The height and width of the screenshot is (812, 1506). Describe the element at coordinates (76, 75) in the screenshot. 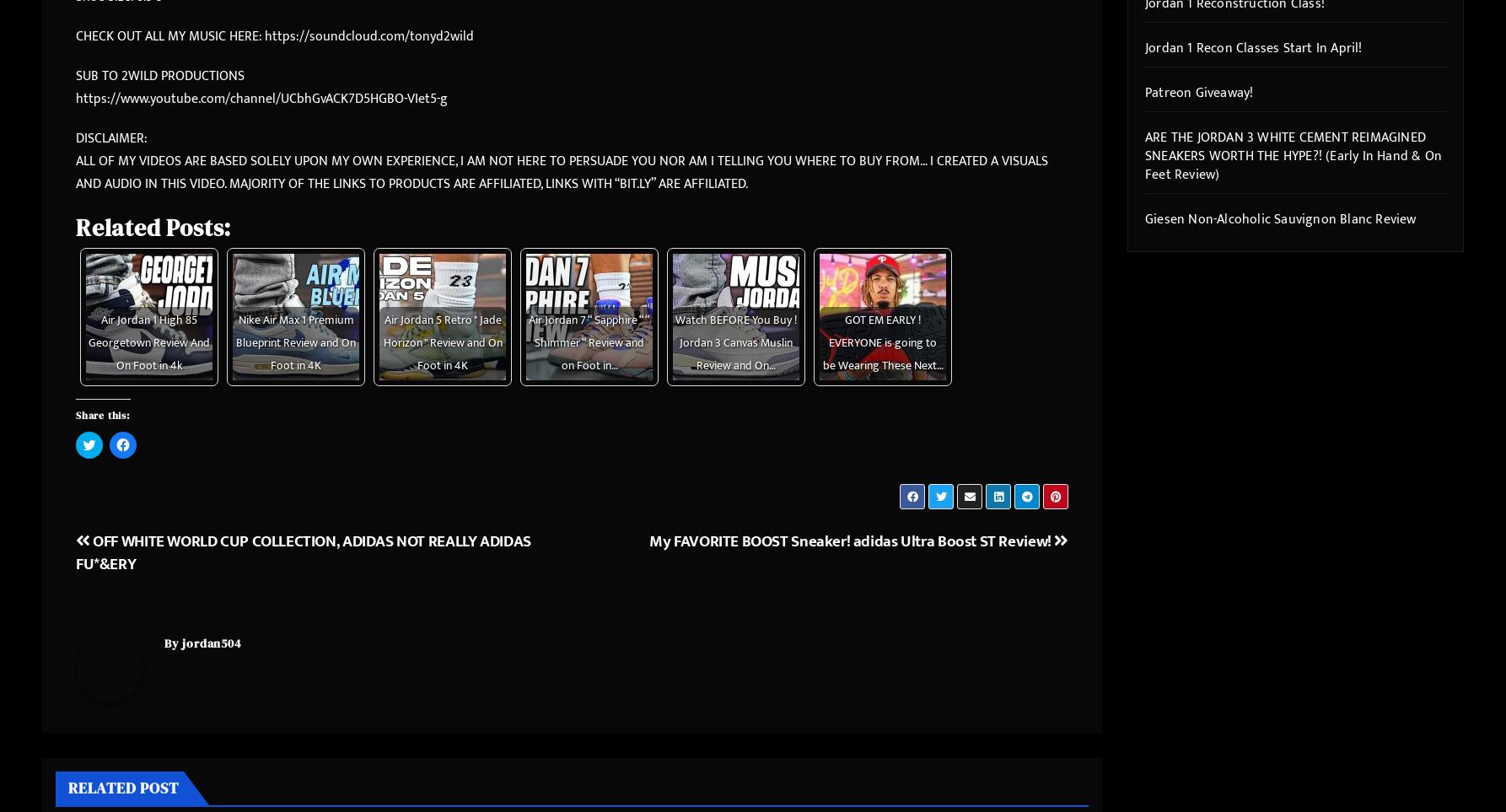

I see `'SUB TO 2WILD PRODUCTIONS'` at that location.